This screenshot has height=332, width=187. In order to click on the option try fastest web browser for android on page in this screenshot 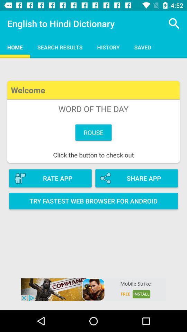, I will do `click(93, 201)`.